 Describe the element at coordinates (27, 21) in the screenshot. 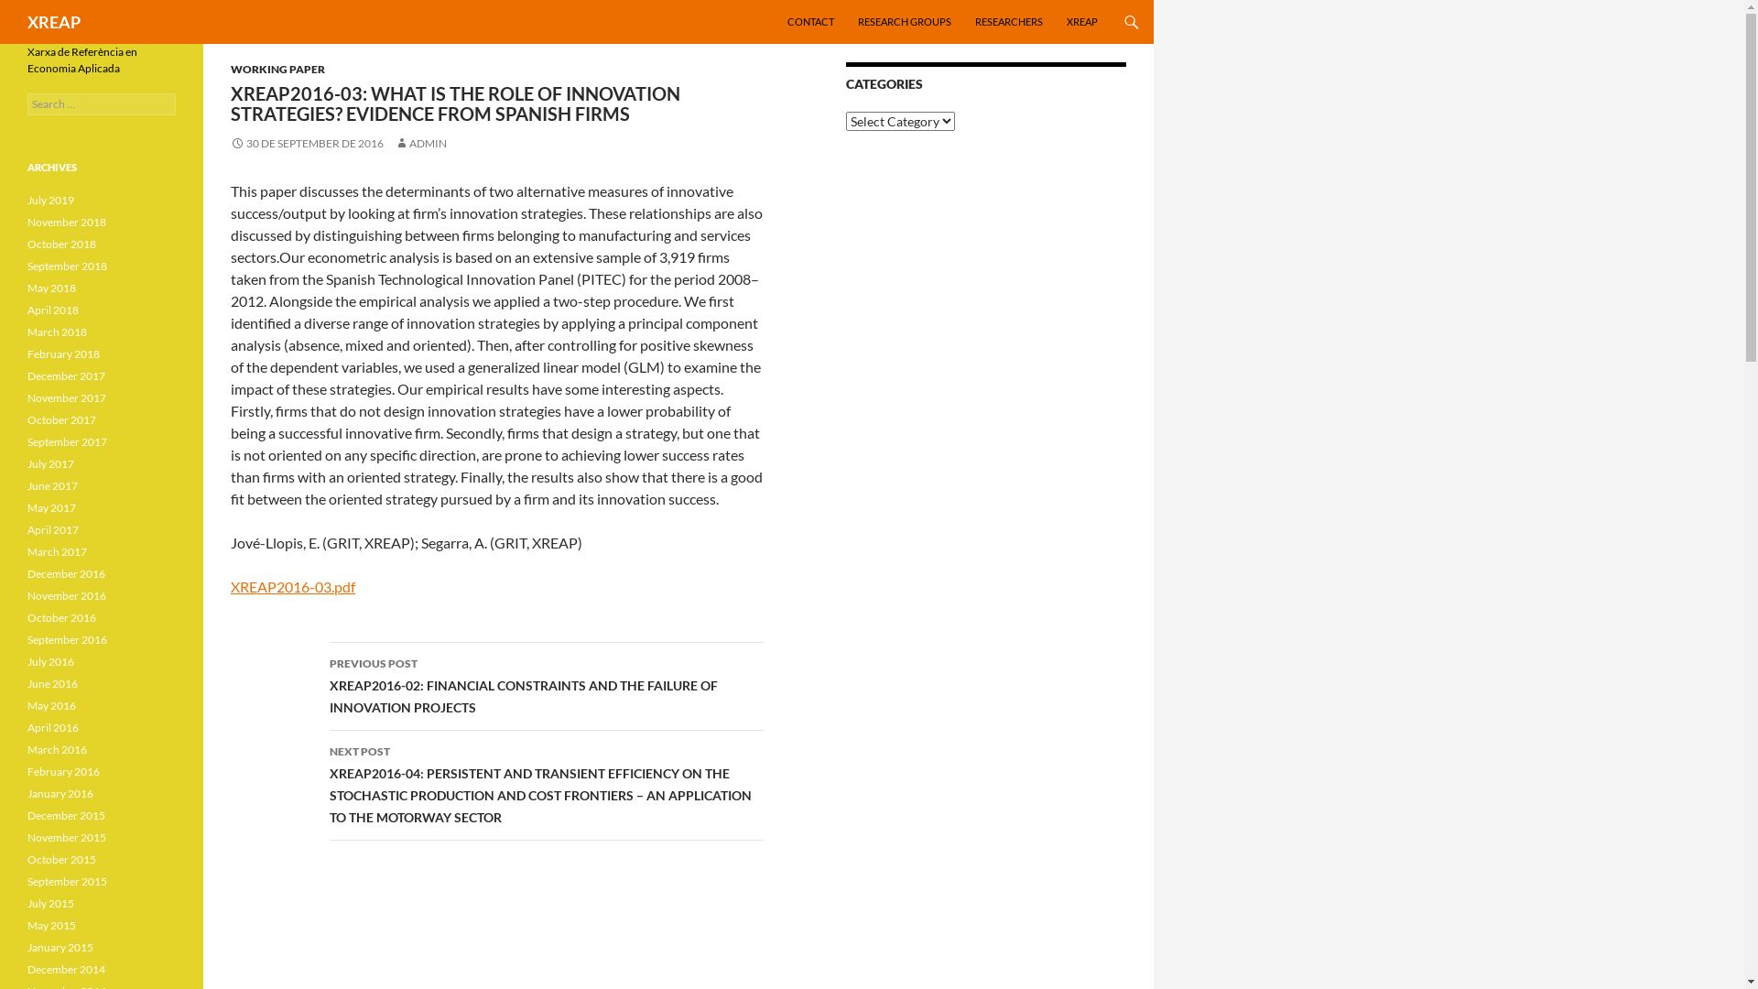

I see `'XREAP'` at that location.